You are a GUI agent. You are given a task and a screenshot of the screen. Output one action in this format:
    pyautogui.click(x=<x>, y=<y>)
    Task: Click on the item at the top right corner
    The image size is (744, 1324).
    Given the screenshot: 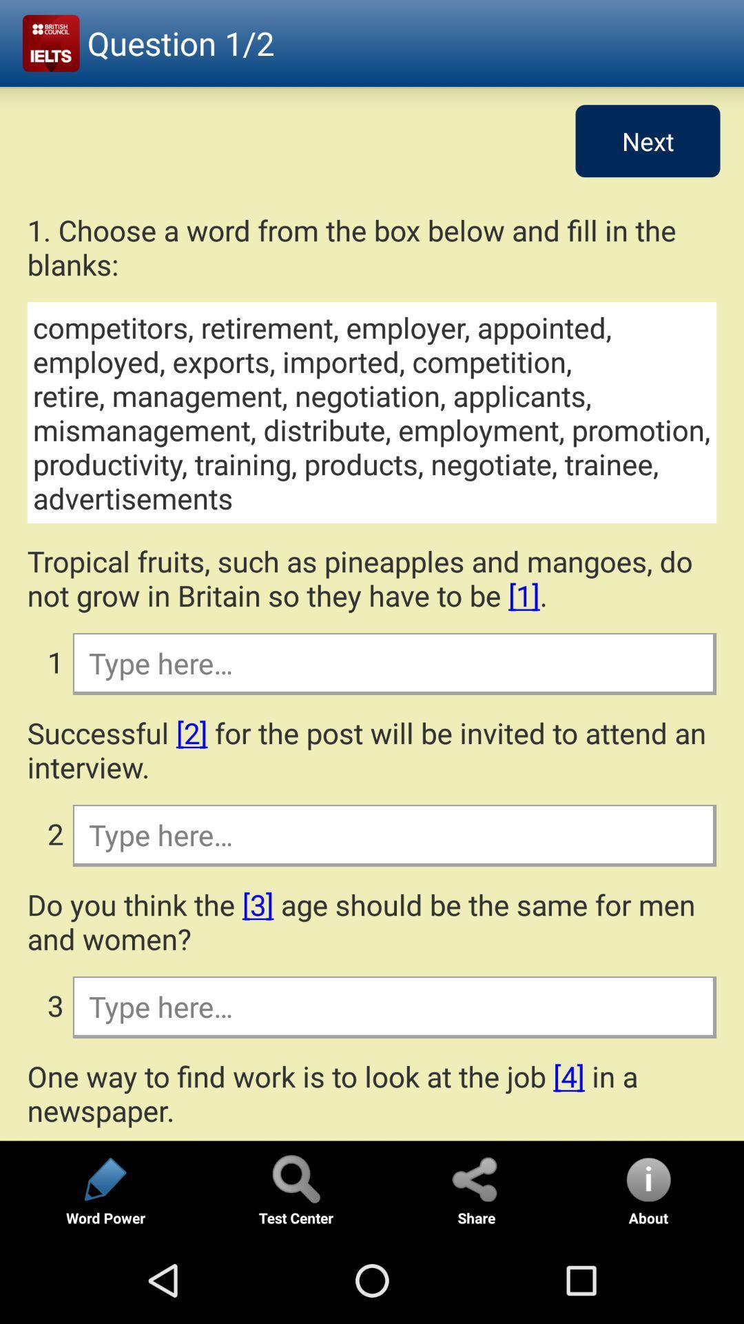 What is the action you would take?
    pyautogui.click(x=648, y=141)
    